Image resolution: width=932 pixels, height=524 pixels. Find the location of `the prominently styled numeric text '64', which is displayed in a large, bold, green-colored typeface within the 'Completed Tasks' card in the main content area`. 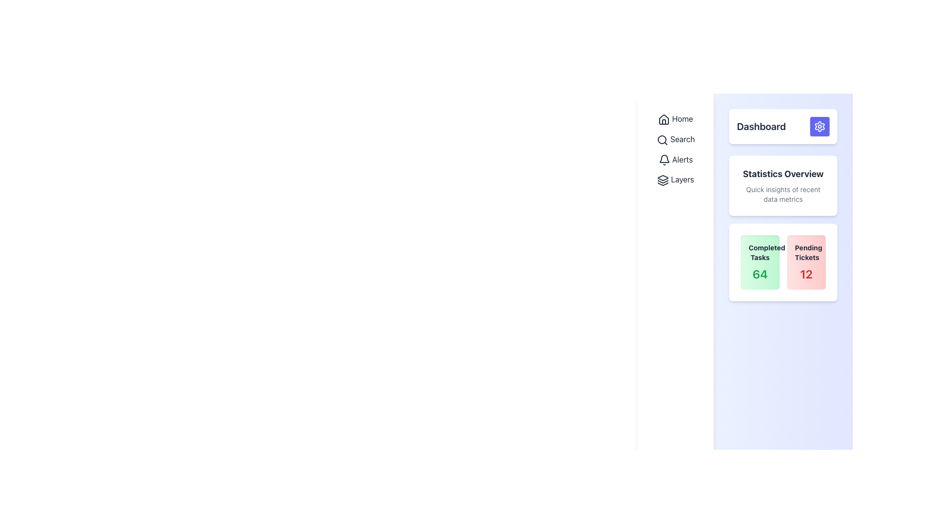

the prominently styled numeric text '64', which is displayed in a large, bold, green-colored typeface within the 'Completed Tasks' card in the main content area is located at coordinates (759, 274).